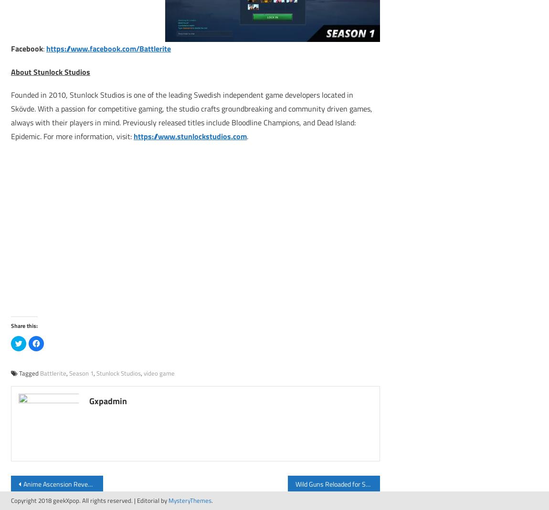  I want to click on 'About Stunlock Studios', so click(11, 71).